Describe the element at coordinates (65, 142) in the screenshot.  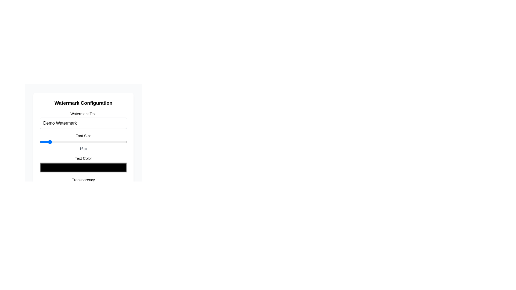
I see `the font size slider` at that location.